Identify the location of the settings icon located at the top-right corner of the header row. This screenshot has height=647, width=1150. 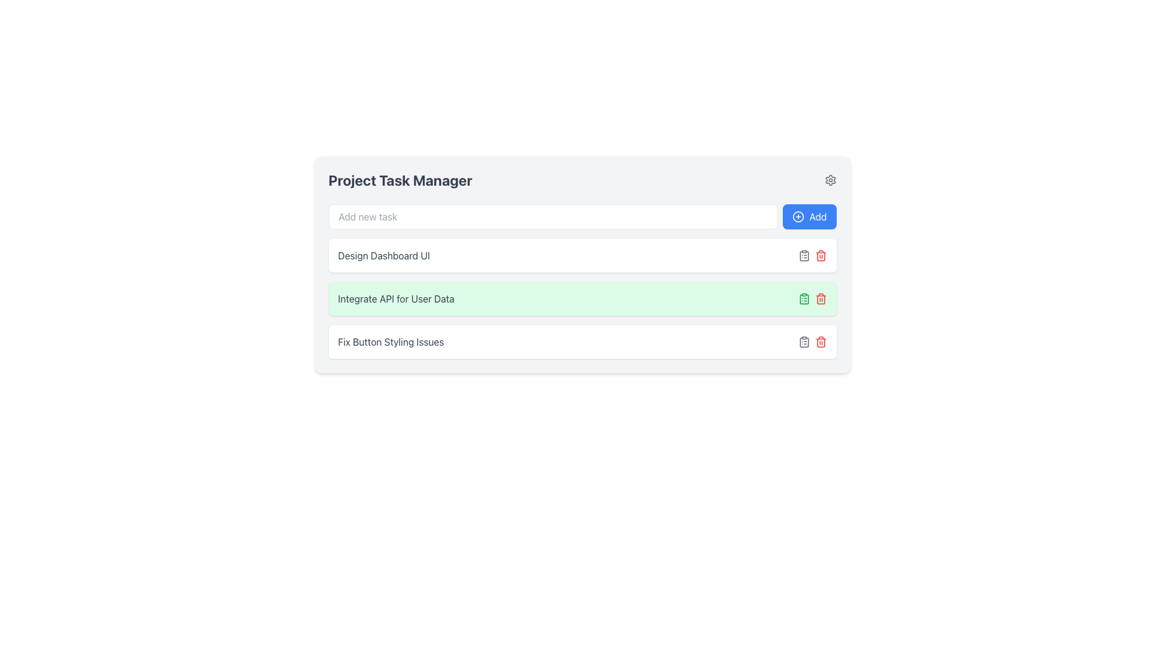
(830, 180).